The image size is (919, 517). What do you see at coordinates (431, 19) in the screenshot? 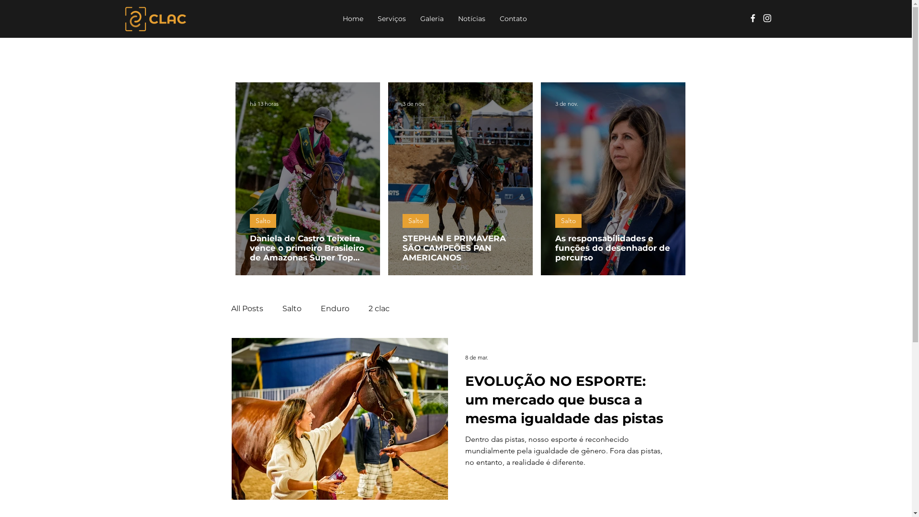
I see `'Galeria'` at bounding box center [431, 19].